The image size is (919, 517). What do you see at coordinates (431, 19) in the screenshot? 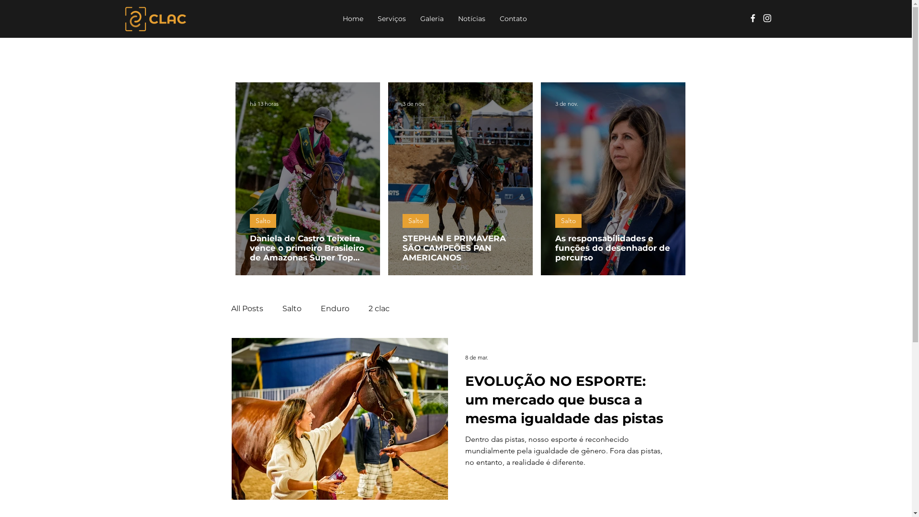
I see `'Galeria'` at bounding box center [431, 19].